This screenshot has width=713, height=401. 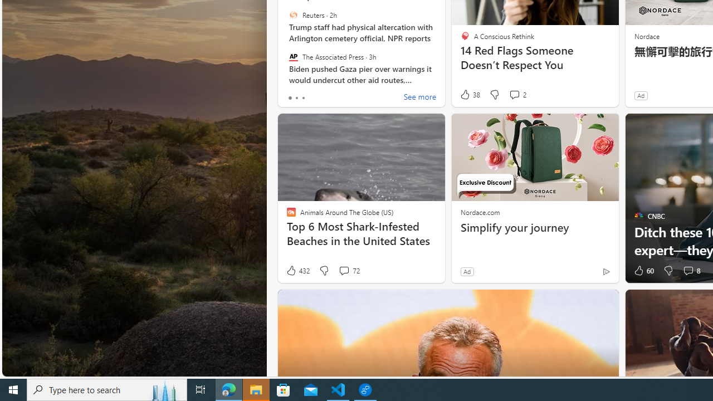 I want to click on '60 Like', so click(x=643, y=271).